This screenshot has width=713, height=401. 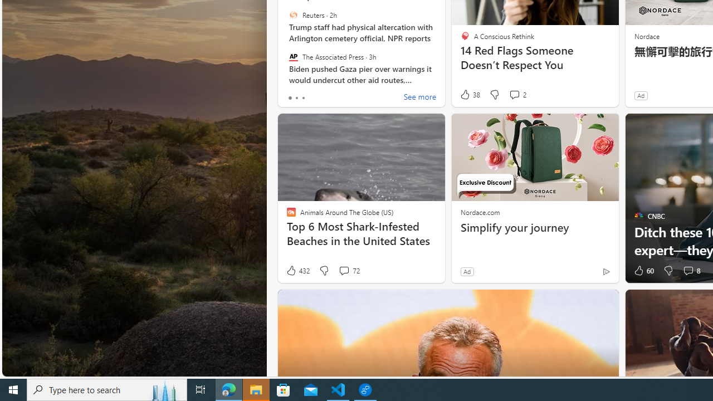 I want to click on '60 Like', so click(x=643, y=271).